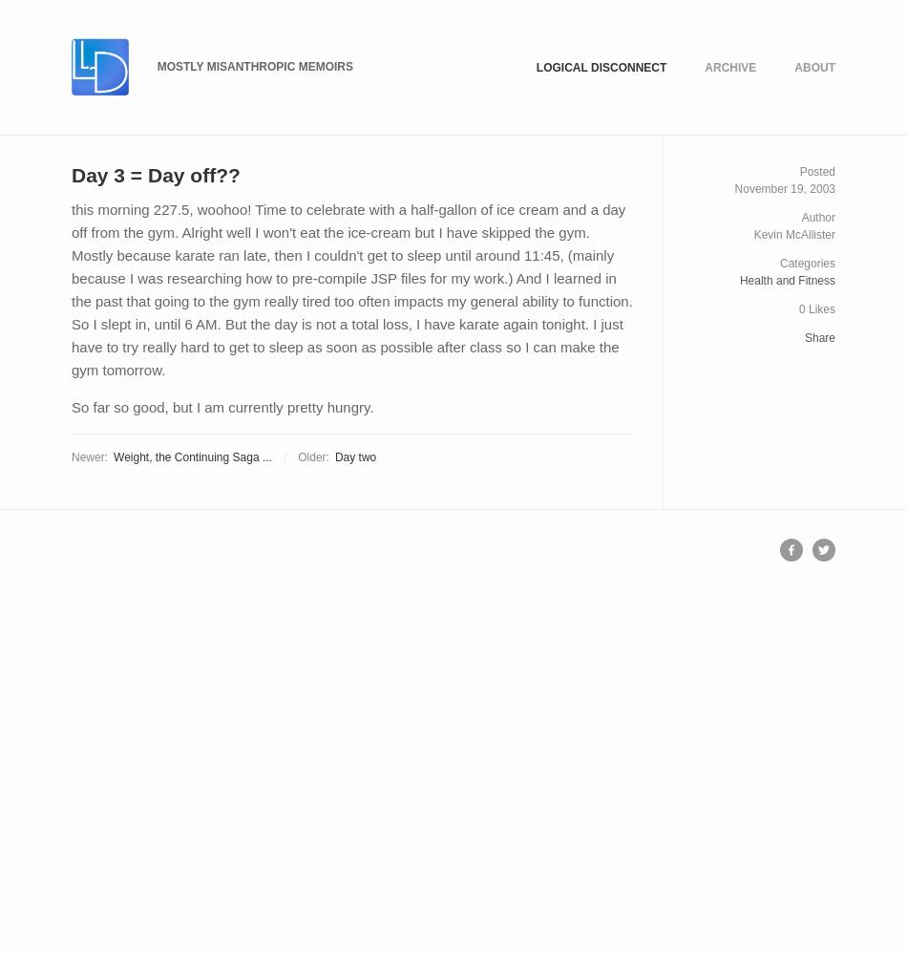  Describe the element at coordinates (312, 456) in the screenshot. I see `'Older:'` at that location.